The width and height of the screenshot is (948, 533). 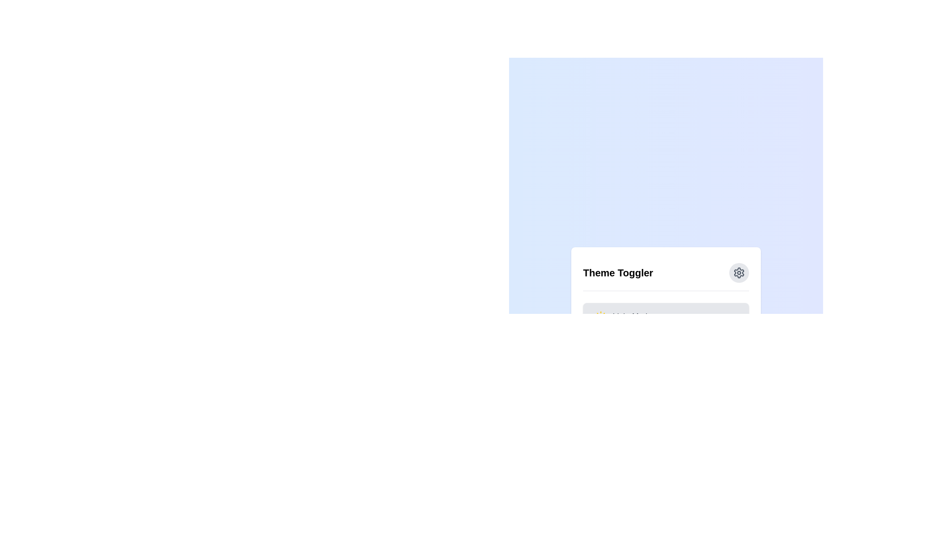 What do you see at coordinates (618, 272) in the screenshot?
I see `the header text 'Theme Toggler' for copying` at bounding box center [618, 272].